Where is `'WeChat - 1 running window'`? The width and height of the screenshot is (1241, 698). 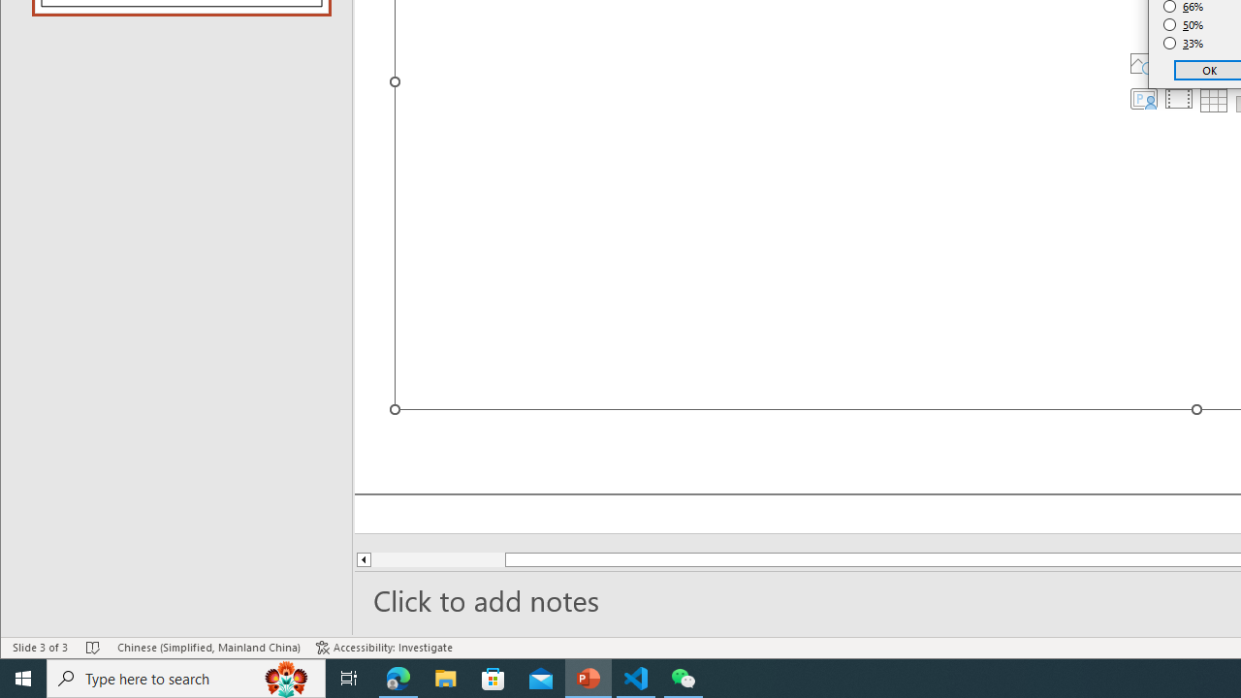
'WeChat - 1 running window' is located at coordinates (684, 677).